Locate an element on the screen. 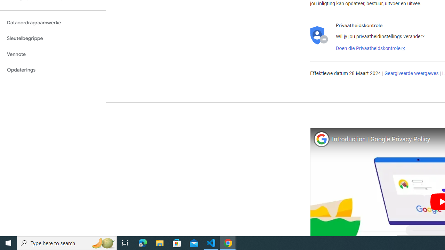 This screenshot has height=250, width=445. 'Fotobeeld van Google' is located at coordinates (321, 139).